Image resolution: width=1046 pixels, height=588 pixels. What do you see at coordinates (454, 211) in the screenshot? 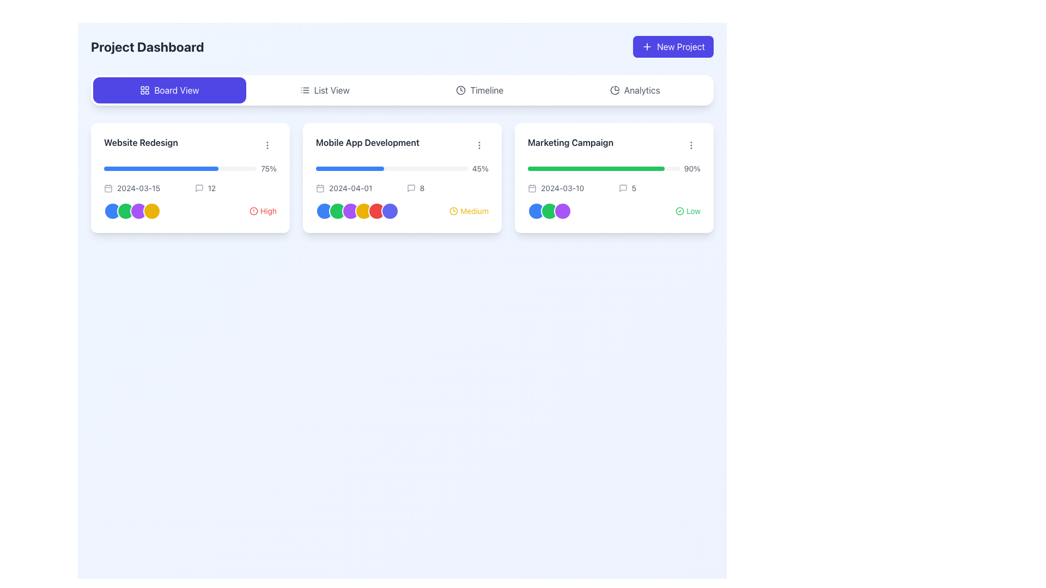
I see `the clock-shaped icon with a yellow outline located in the second card, to the left of the 'Medium' text` at bounding box center [454, 211].